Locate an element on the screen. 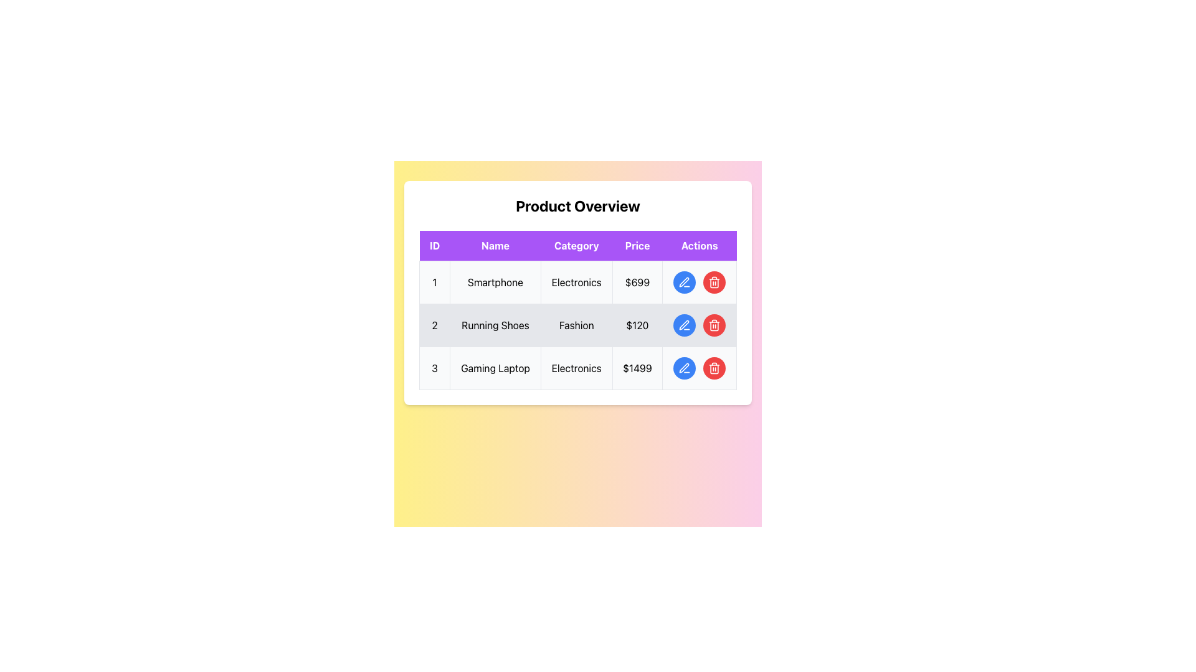 The image size is (1196, 672). the blue circular icon button representing a pen is located at coordinates (684, 282).